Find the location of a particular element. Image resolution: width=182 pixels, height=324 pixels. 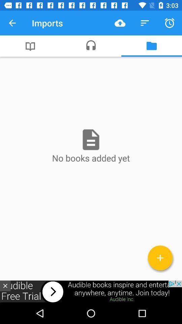

visit advertiser is located at coordinates (91, 291).